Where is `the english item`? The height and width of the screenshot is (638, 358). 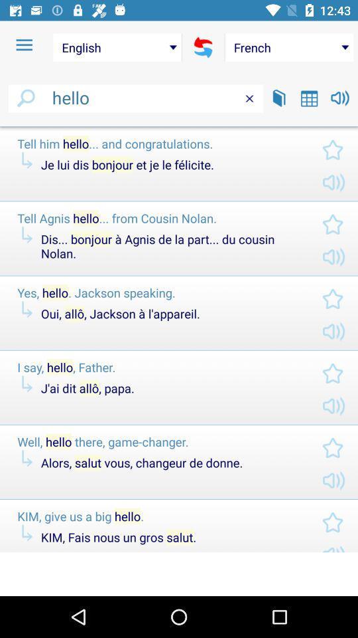 the english item is located at coordinates (117, 47).